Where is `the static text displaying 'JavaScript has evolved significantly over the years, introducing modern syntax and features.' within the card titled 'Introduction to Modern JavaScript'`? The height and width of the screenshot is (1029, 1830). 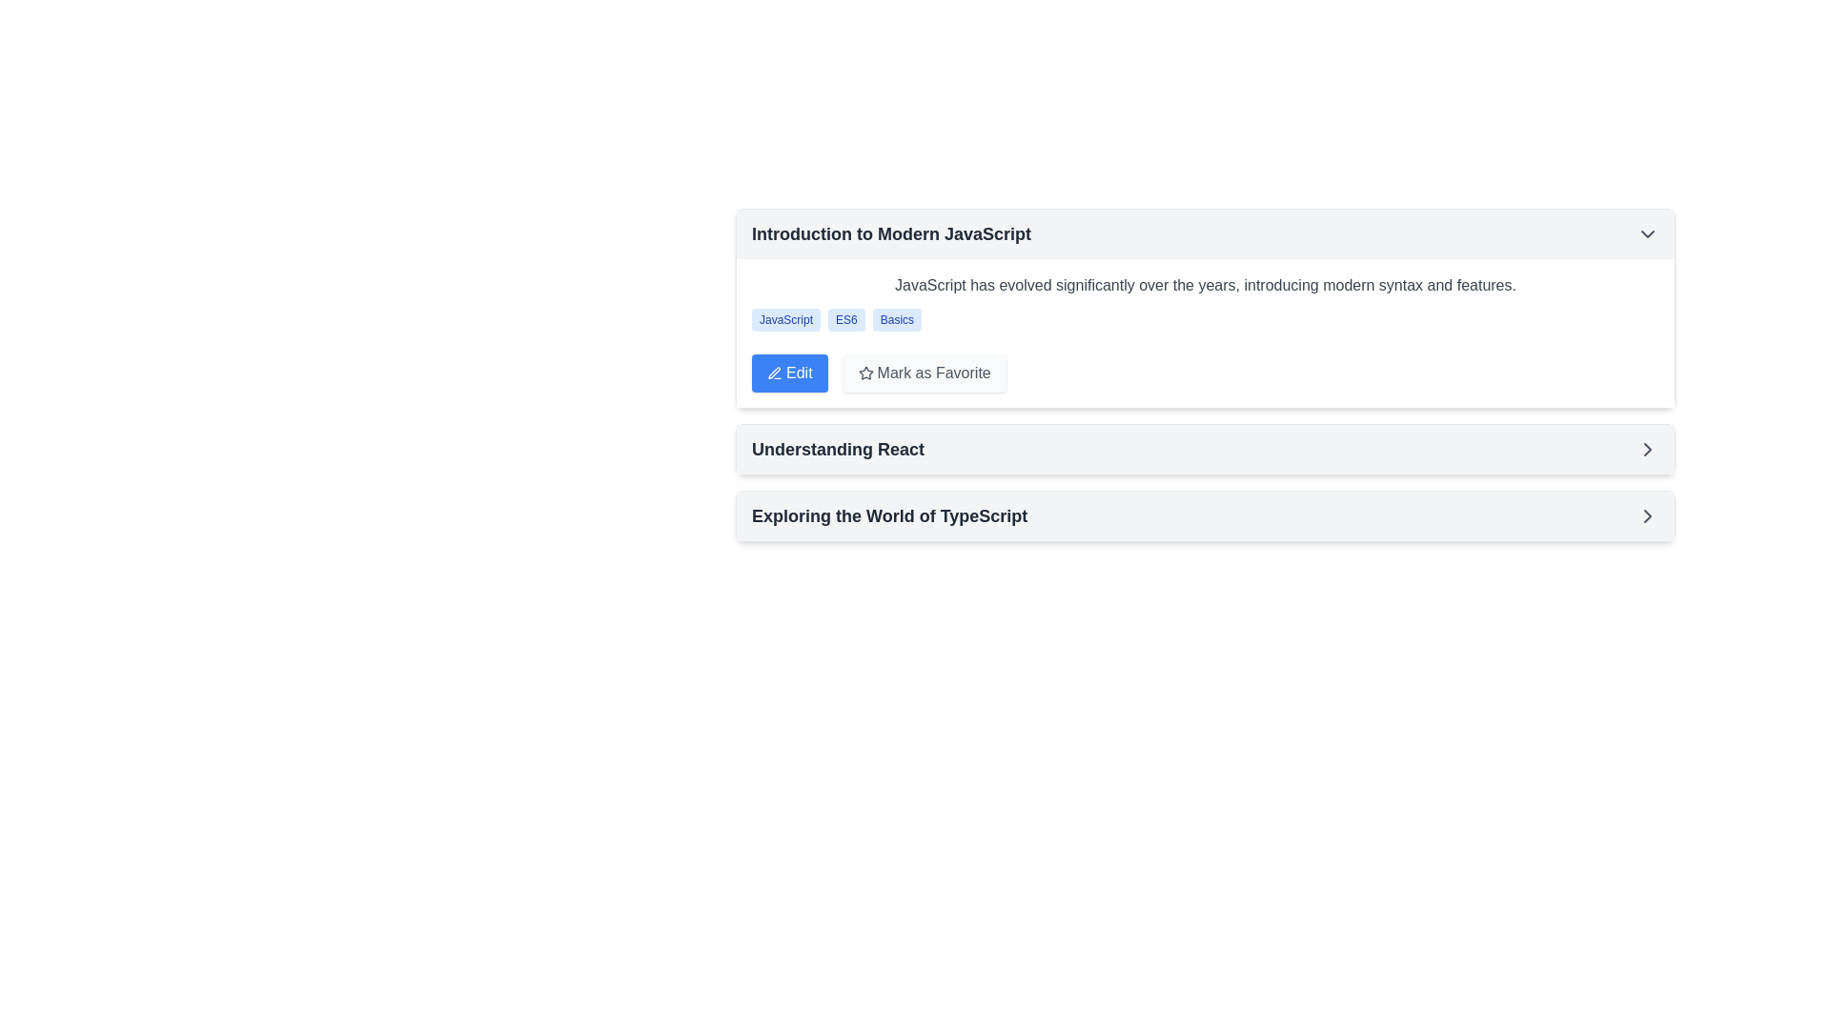
the static text displaying 'JavaScript has evolved significantly over the years, introducing modern syntax and features.' within the card titled 'Introduction to Modern JavaScript' is located at coordinates (1205, 286).